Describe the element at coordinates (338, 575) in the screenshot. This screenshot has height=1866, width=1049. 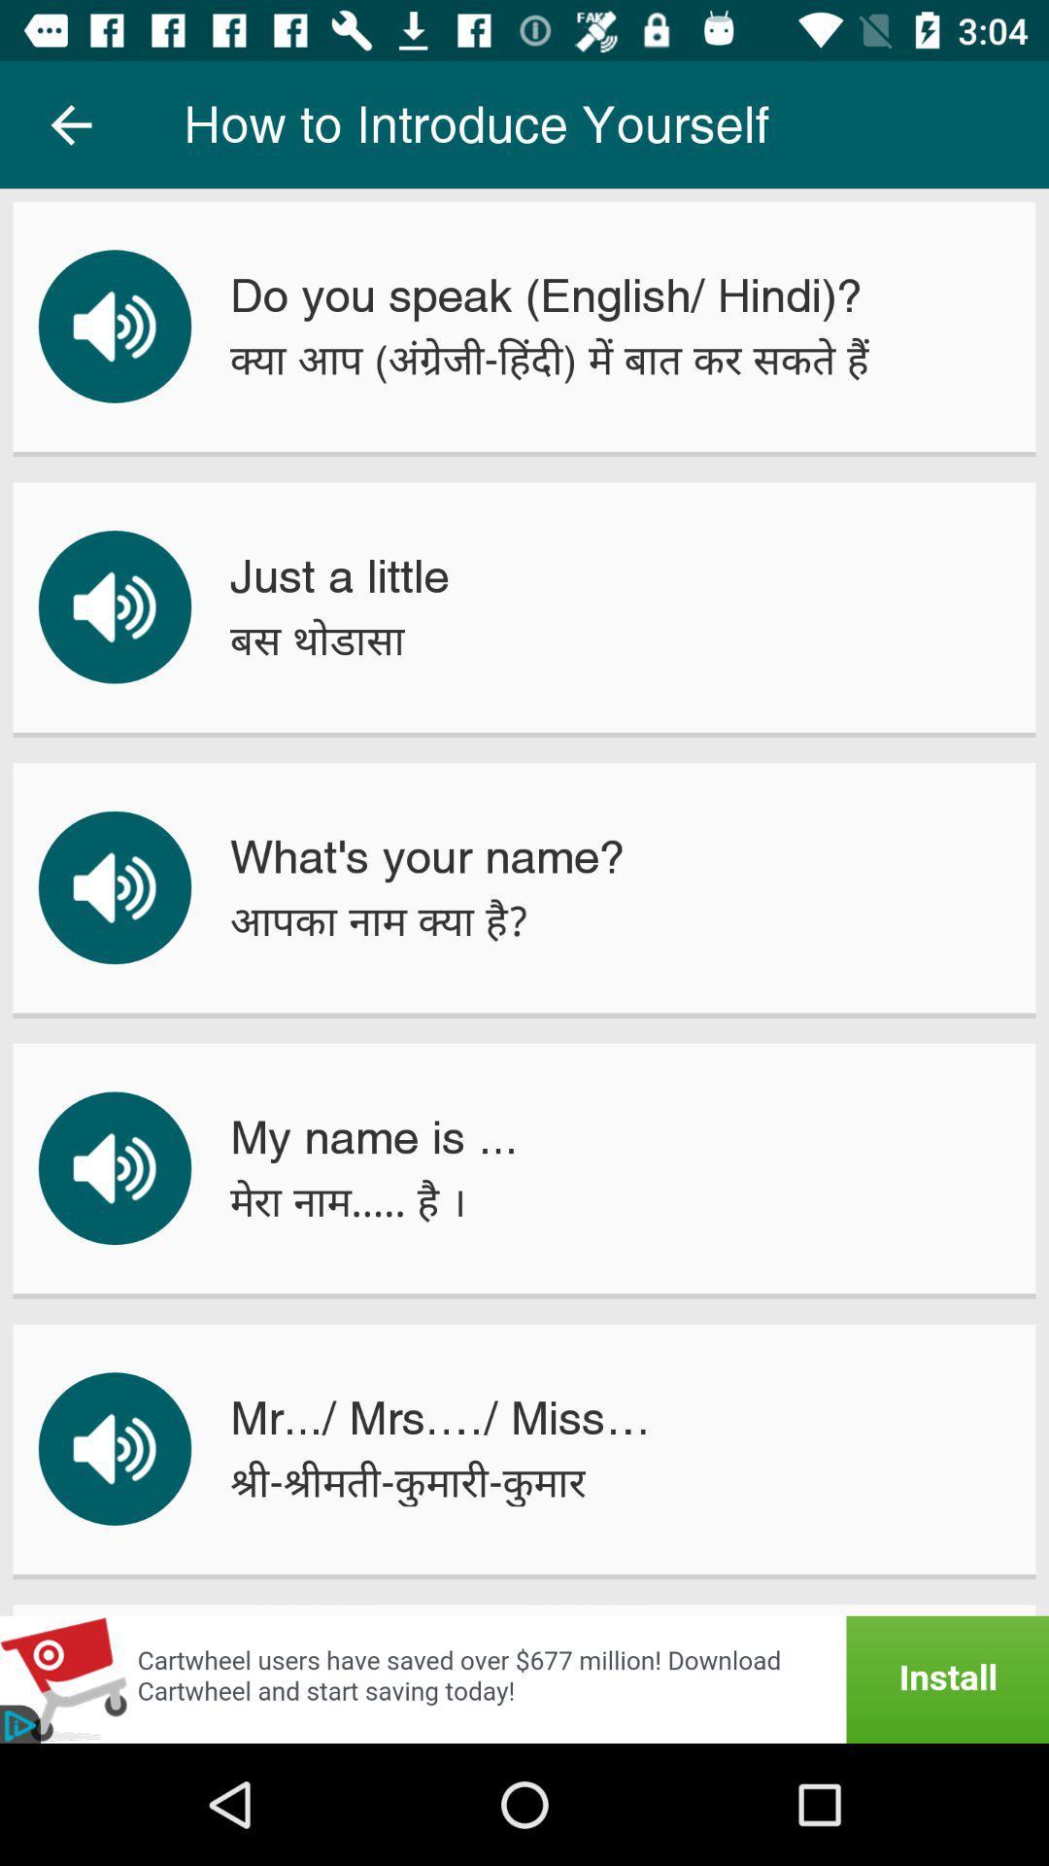
I see `the just a little` at that location.